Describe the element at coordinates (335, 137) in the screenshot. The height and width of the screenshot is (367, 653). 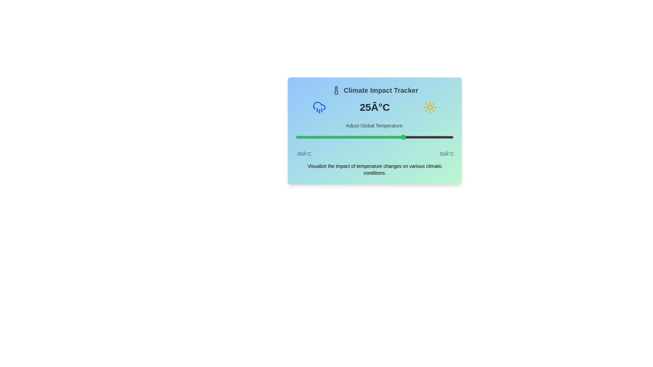
I see `the temperature slider to set the temperature to -10°C` at that location.